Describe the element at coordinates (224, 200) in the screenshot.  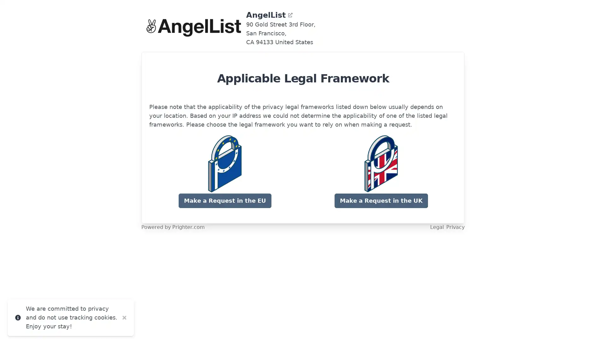
I see `Make a Request in the EU` at that location.